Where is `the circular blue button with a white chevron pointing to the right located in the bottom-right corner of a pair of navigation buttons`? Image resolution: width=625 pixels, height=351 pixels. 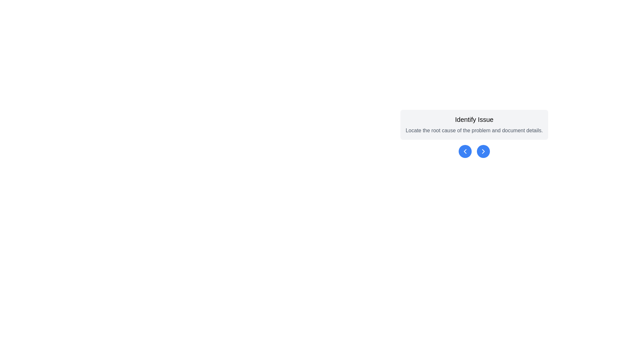
the circular blue button with a white chevron pointing to the right located in the bottom-right corner of a pair of navigation buttons is located at coordinates (483, 151).